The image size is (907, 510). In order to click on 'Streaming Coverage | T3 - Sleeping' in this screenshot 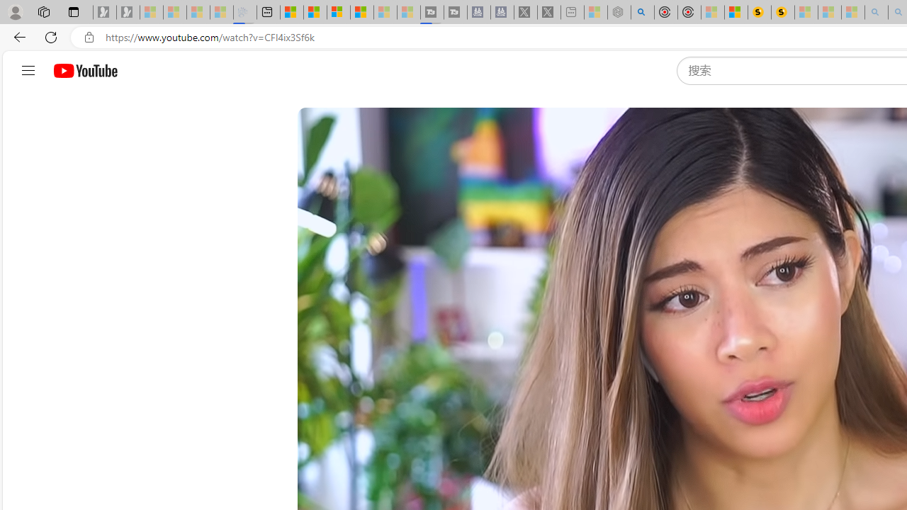, I will do `click(431, 12)`.